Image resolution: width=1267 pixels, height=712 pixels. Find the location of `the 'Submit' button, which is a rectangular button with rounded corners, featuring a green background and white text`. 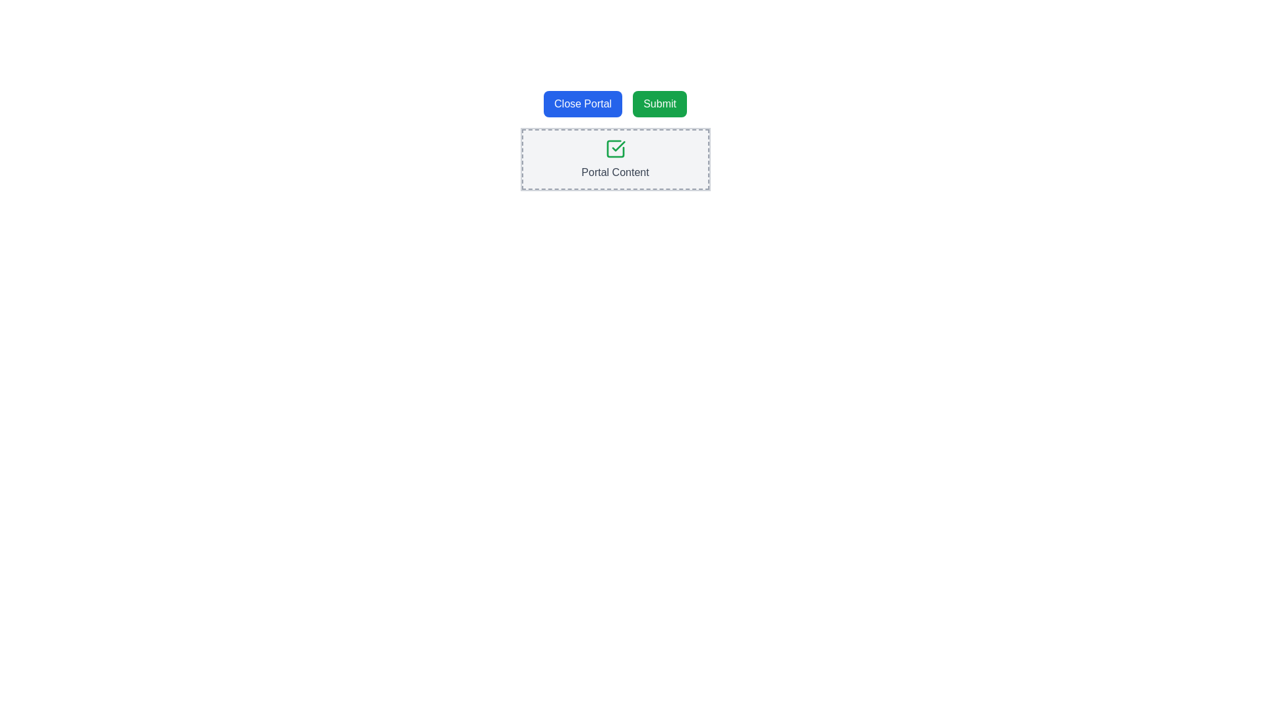

the 'Submit' button, which is a rectangular button with rounded corners, featuring a green background and white text is located at coordinates (660, 104).